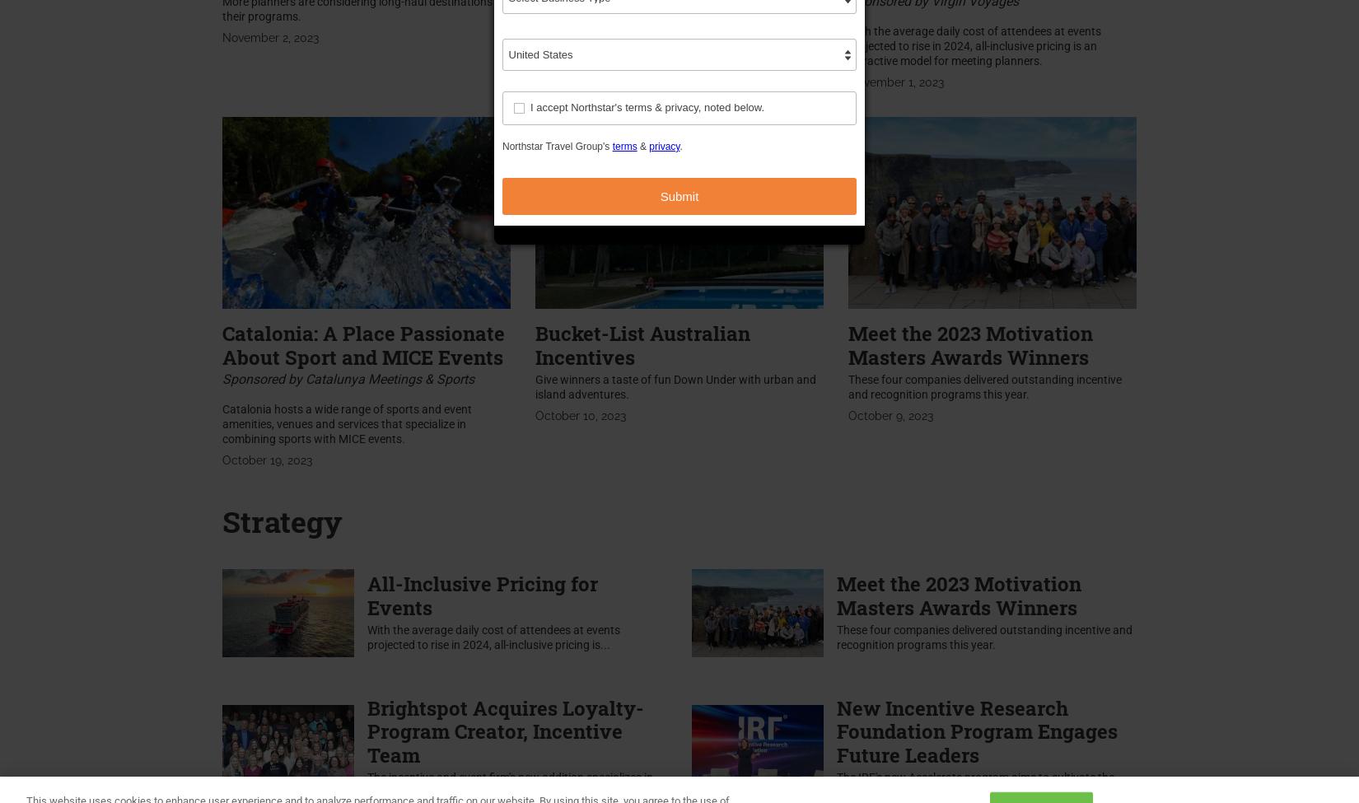  I want to click on 'October 9, 2023', so click(890, 414).